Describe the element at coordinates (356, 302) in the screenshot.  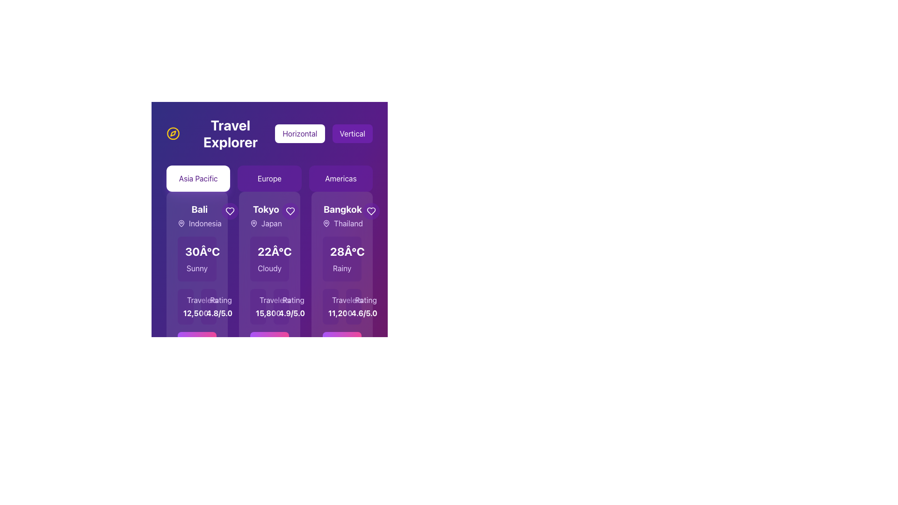
I see `the star icon for rating located next to the numerical rating text '4.6' at the bottom section of the card for 'Bangkok, Thailand'` at that location.